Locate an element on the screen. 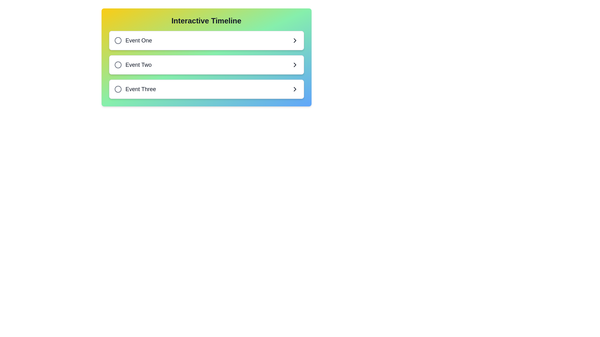 The image size is (600, 337). the text label that describes the event corresponding to the first list item in the vertical list of events, which is located next to a circular icon and aligned with a surrounding box is located at coordinates (138, 41).